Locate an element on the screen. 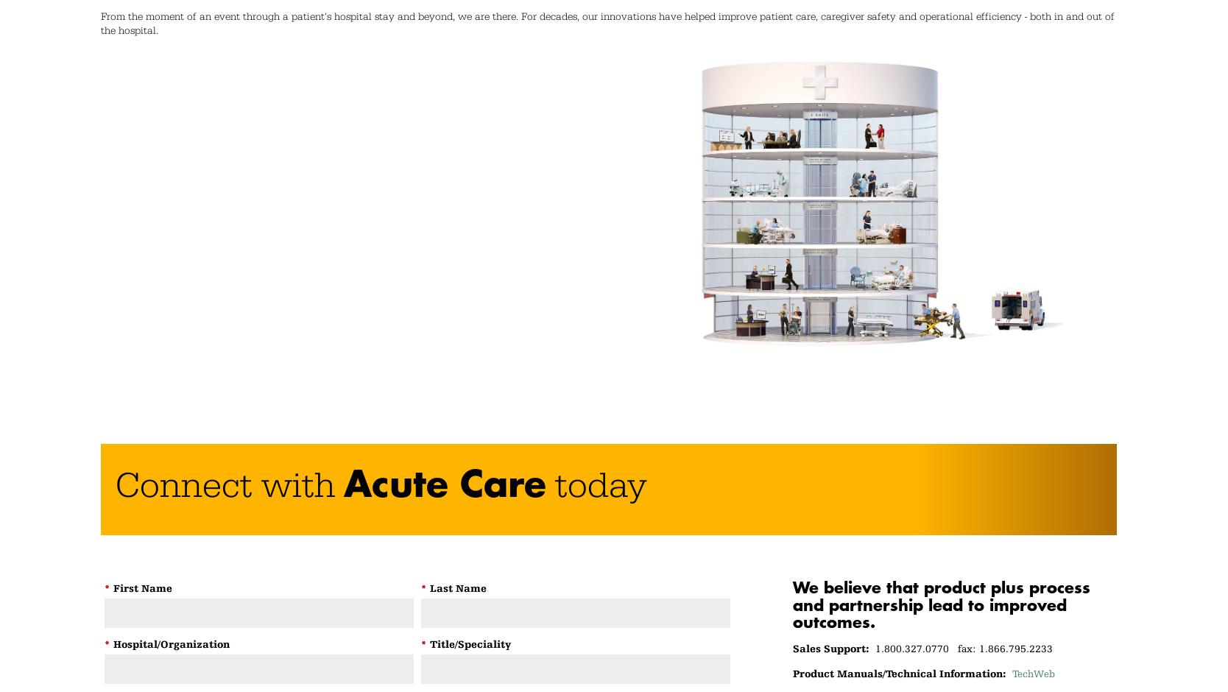  'First Name' is located at coordinates (141, 588).